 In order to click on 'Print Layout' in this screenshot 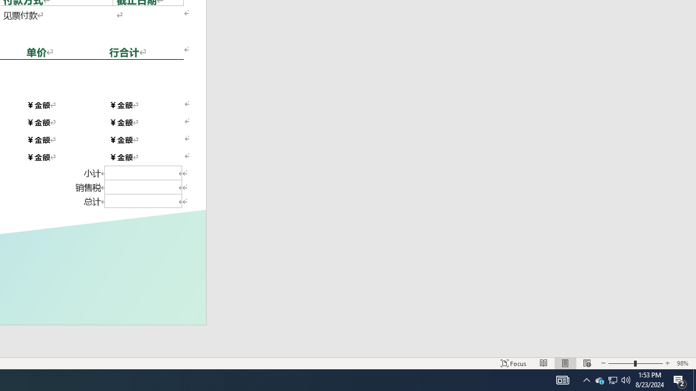, I will do `click(565, 363)`.